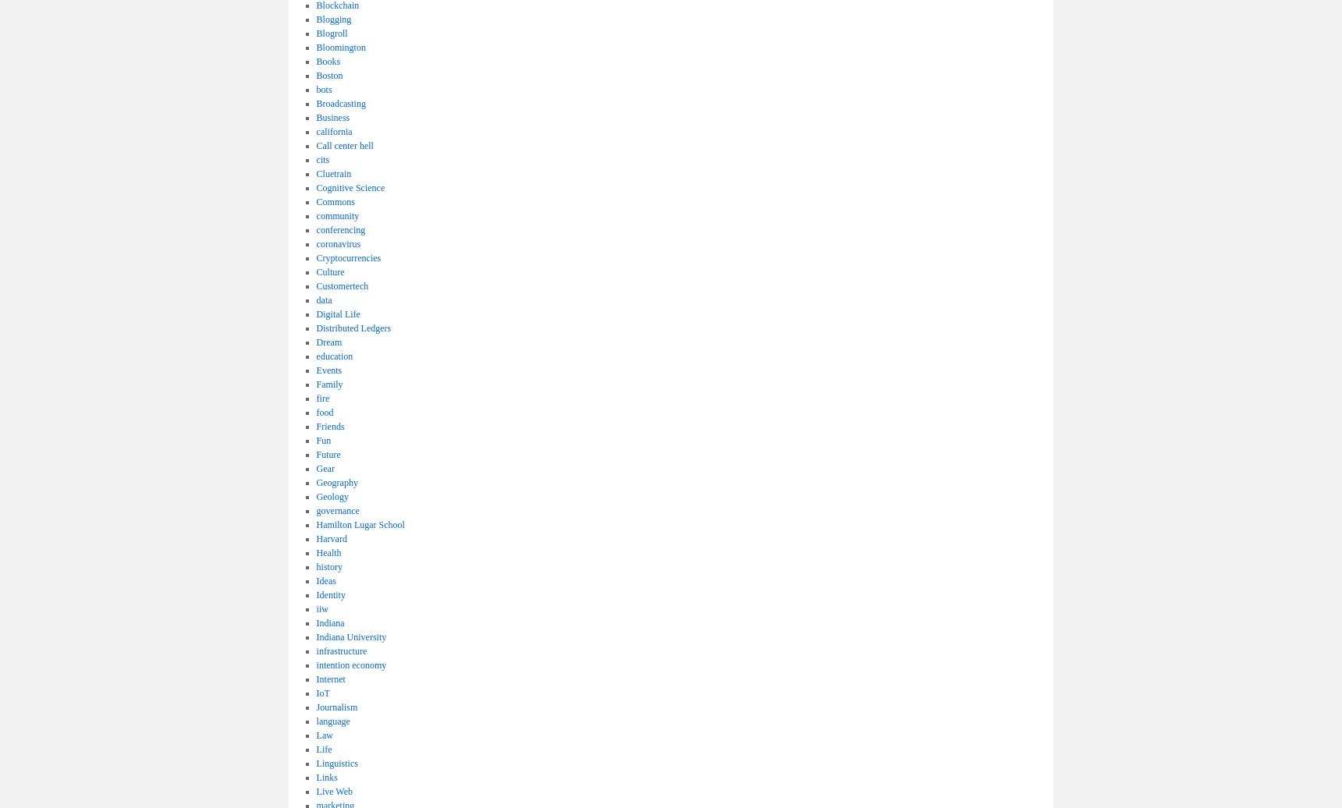 This screenshot has width=1342, height=808. I want to click on 'governance', so click(336, 510).